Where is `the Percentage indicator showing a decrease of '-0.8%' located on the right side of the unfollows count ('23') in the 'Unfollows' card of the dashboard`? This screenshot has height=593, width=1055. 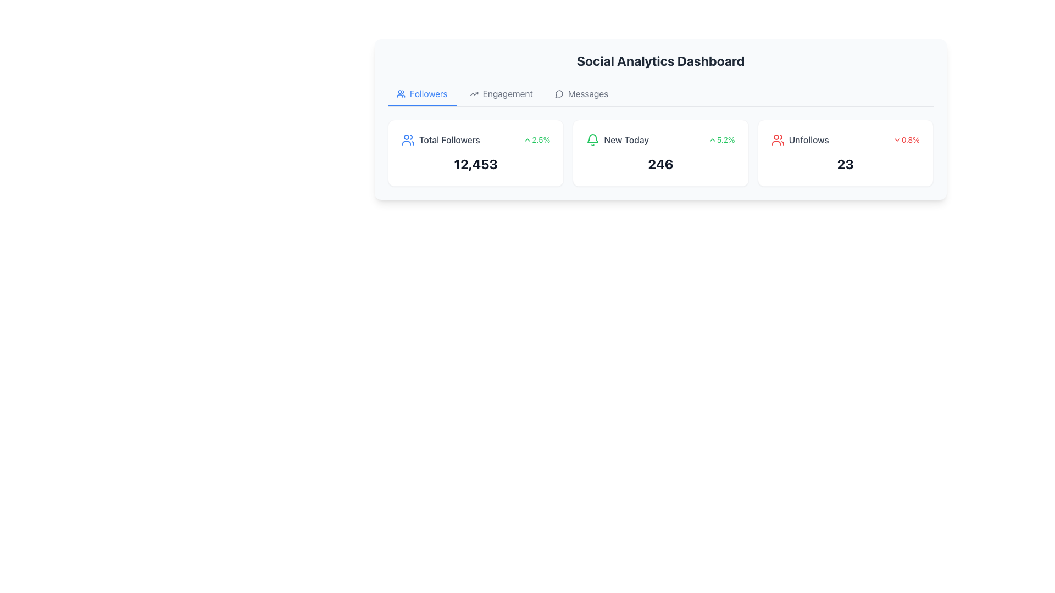
the Percentage indicator showing a decrease of '-0.8%' located on the right side of the unfollows count ('23') in the 'Unfollows' card of the dashboard is located at coordinates (906, 139).